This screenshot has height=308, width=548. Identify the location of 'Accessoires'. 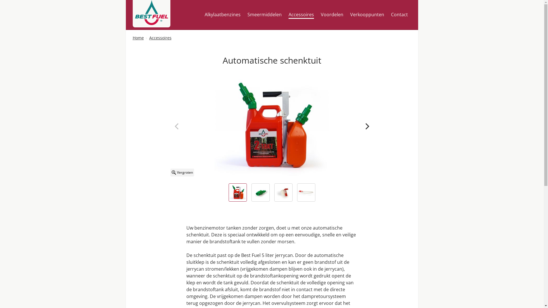
(301, 14).